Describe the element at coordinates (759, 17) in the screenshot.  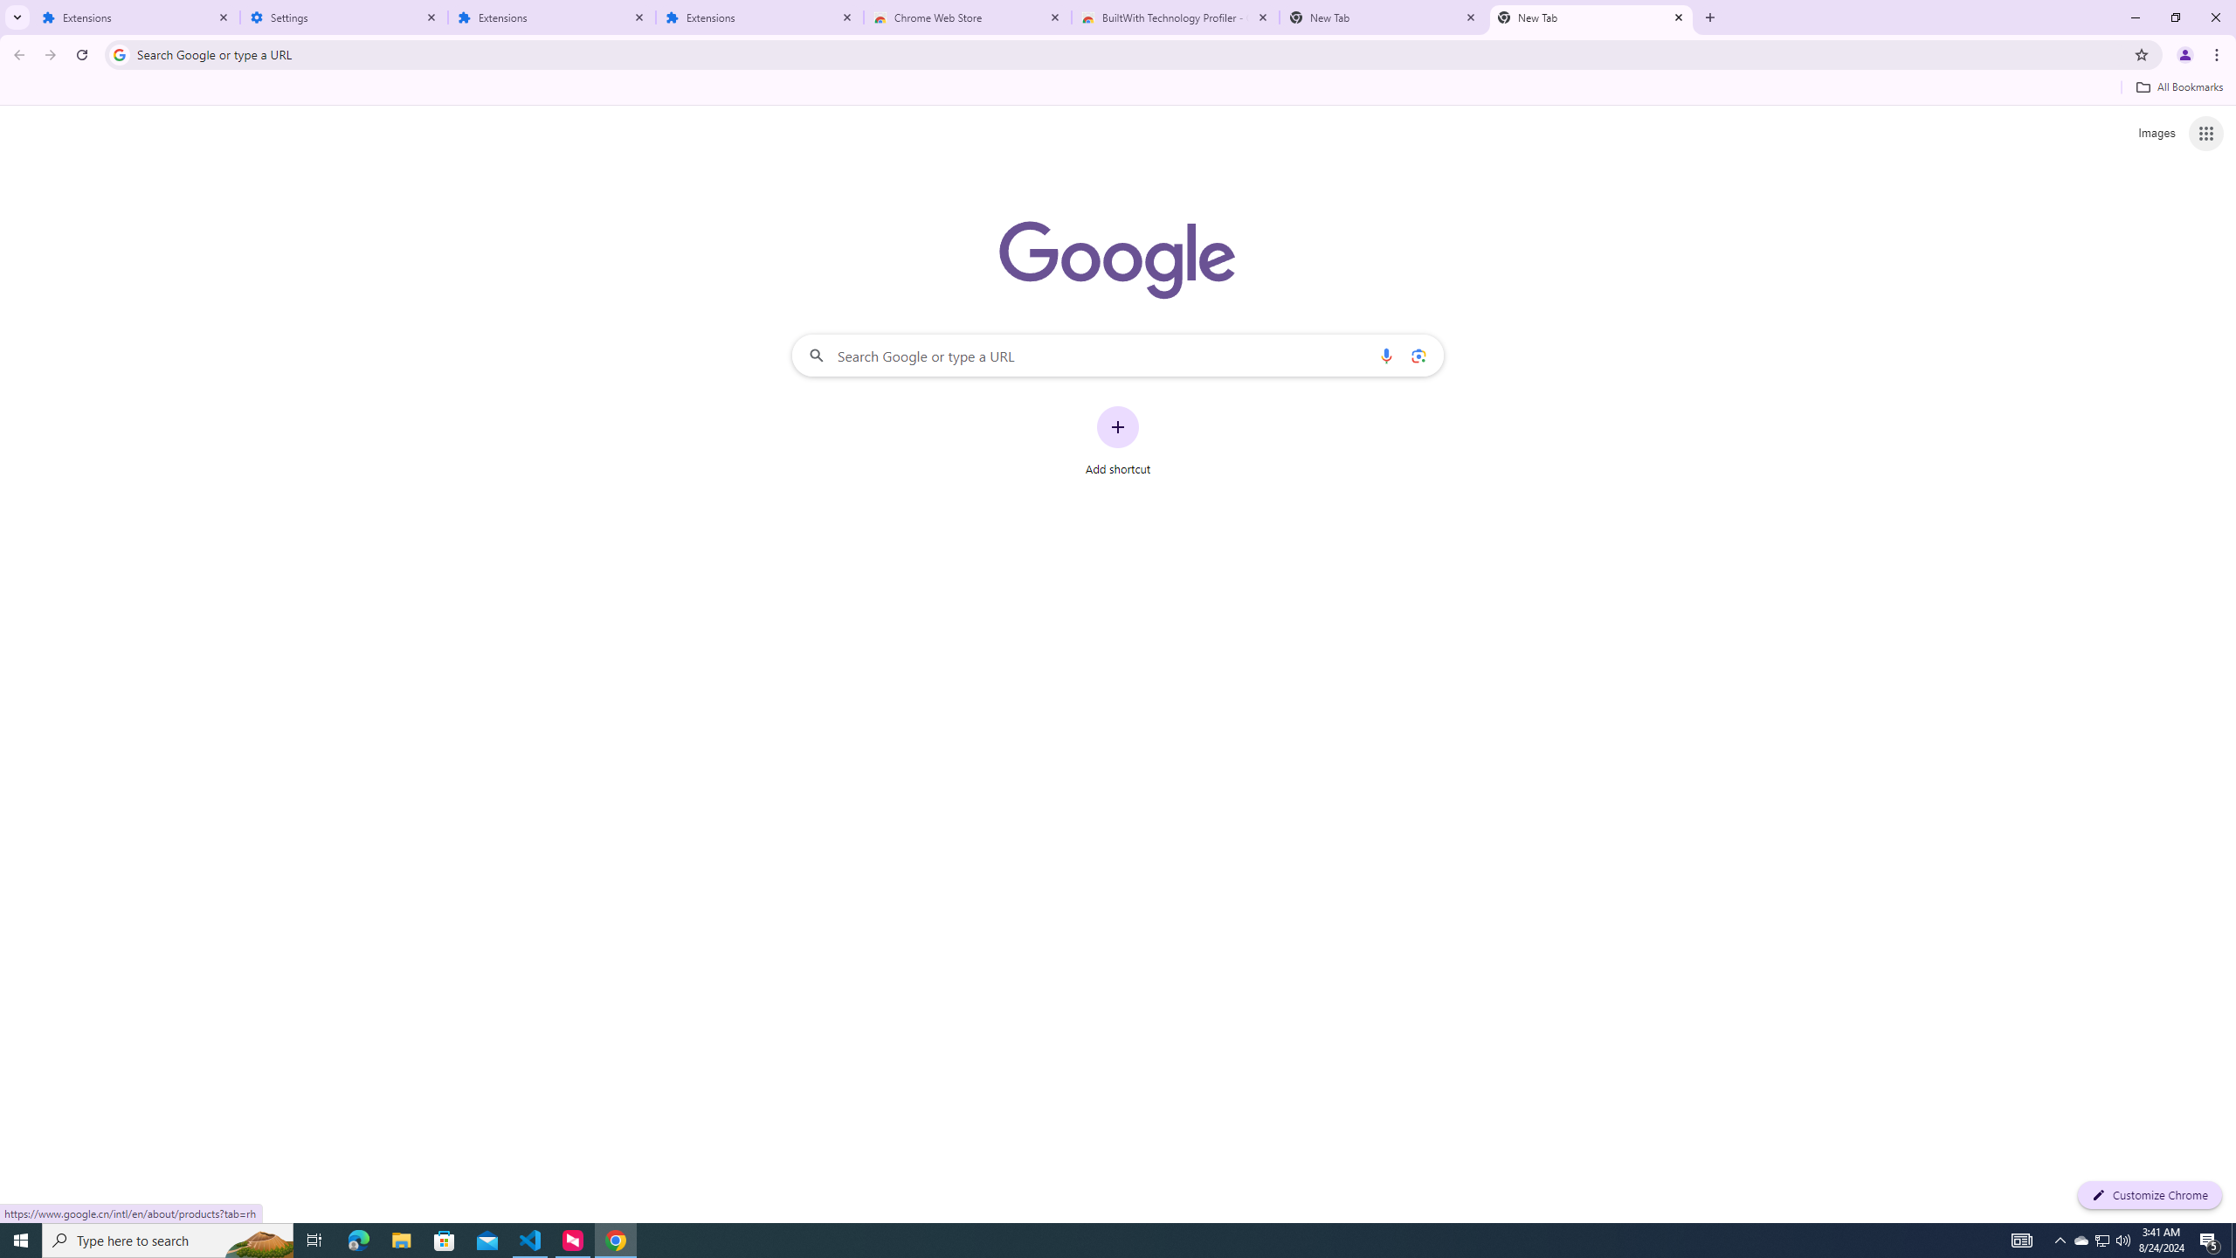
I see `'Extensions'` at that location.